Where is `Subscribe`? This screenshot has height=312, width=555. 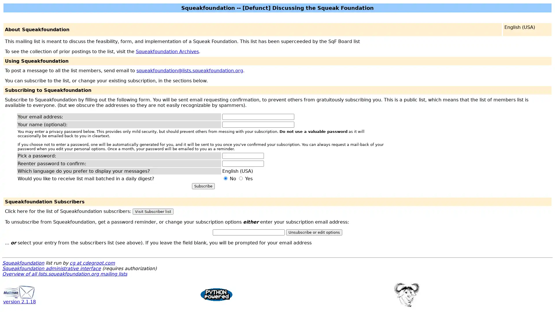
Subscribe is located at coordinates (203, 186).